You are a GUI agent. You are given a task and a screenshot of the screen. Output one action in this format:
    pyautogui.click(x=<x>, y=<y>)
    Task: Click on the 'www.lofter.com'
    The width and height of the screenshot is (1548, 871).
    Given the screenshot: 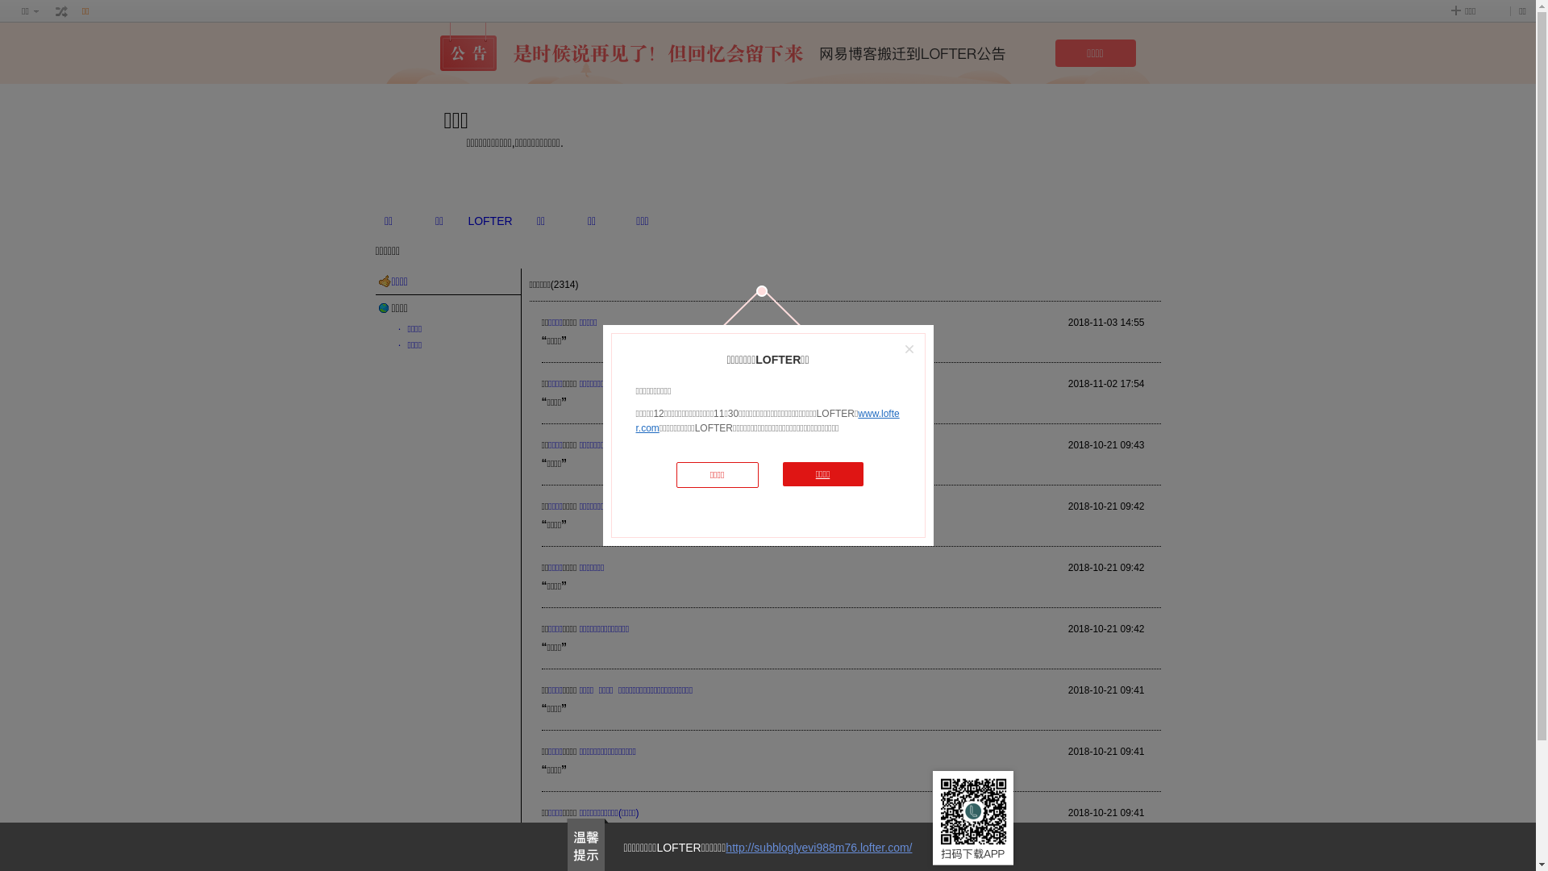 What is the action you would take?
    pyautogui.click(x=766, y=419)
    